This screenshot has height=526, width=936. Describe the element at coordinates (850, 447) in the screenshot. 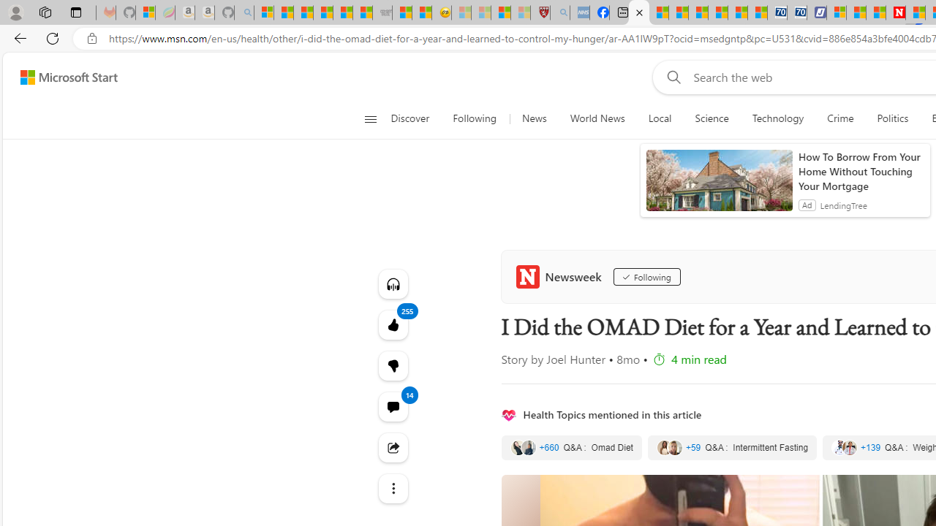

I see `'Class: quote-thumbnail'` at that location.